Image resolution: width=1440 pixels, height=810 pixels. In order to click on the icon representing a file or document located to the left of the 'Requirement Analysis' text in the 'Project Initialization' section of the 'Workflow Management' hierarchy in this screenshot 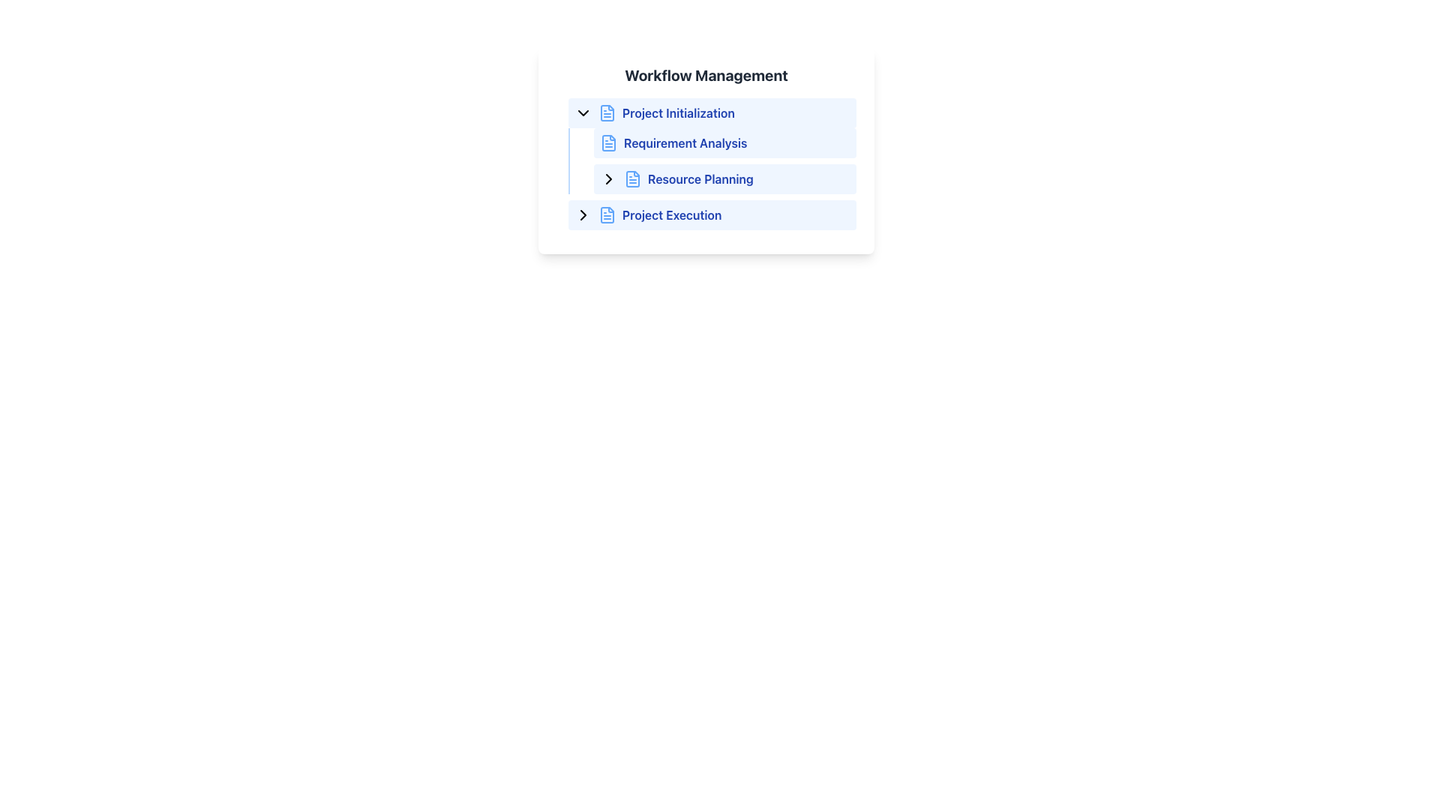, I will do `click(608, 143)`.